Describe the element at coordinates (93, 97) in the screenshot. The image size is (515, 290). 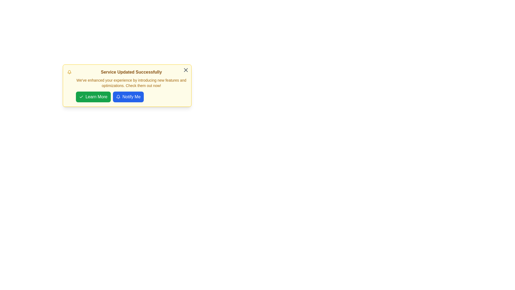
I see `'Learn More' button to navigate to additional information` at that location.